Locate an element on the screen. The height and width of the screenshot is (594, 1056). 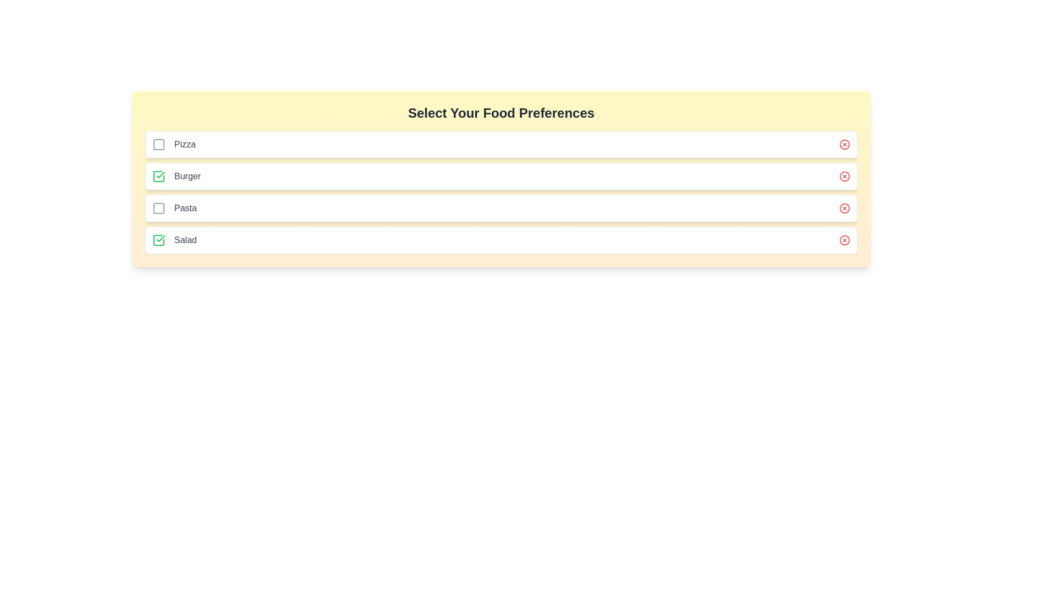
the text label describing the food item 'Pasta', which is the third item in a vertical list of food options, located below 'Burger' and above 'Salad' is located at coordinates (174, 208).